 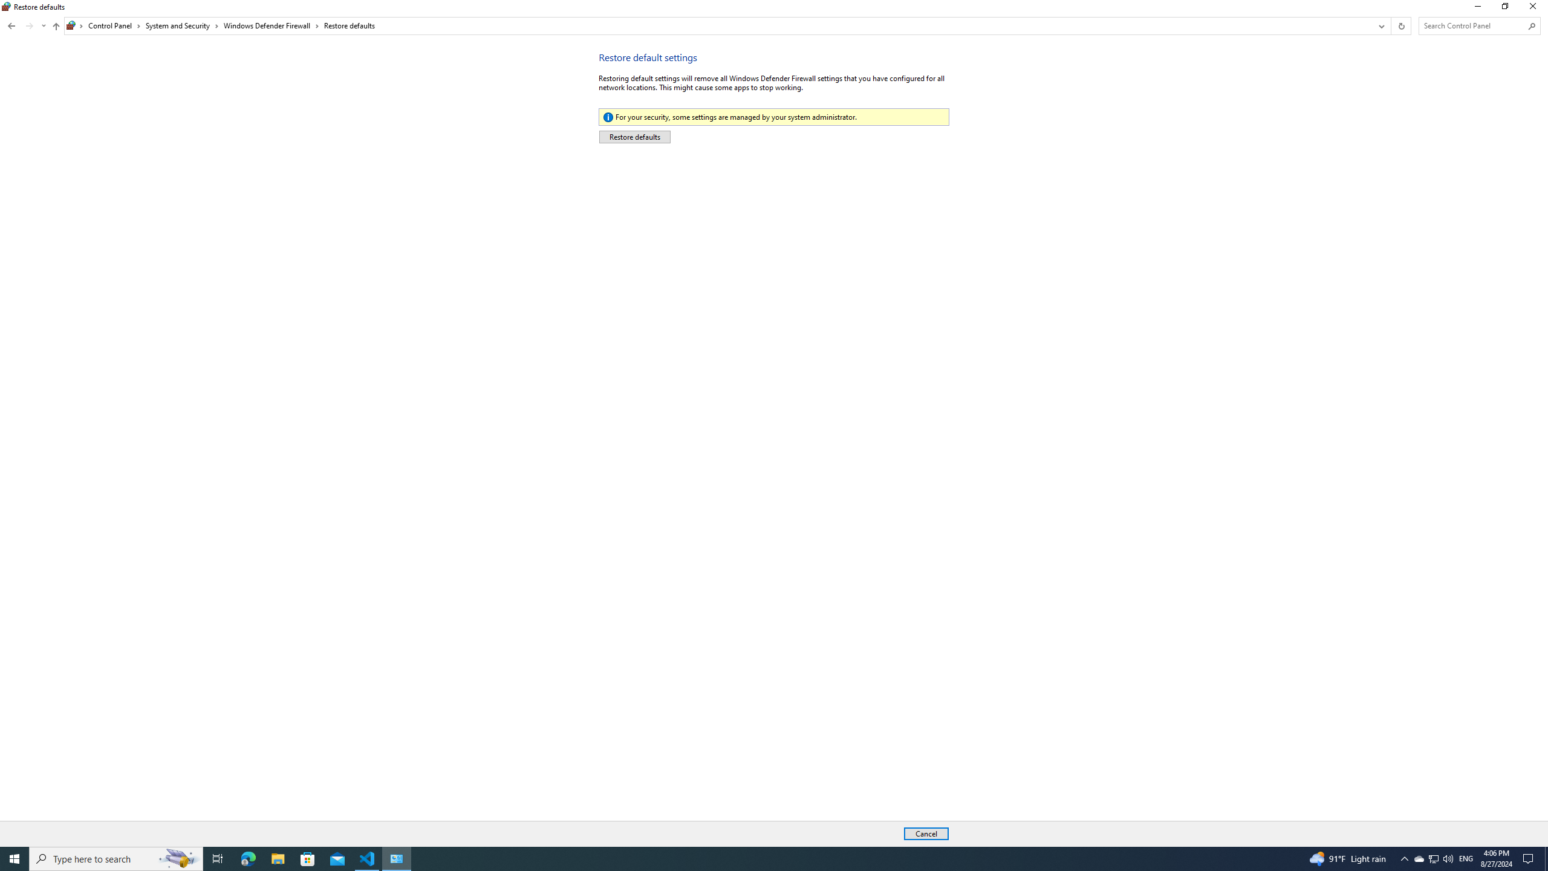 What do you see at coordinates (56, 27) in the screenshot?
I see `'Navigation buttons'` at bounding box center [56, 27].